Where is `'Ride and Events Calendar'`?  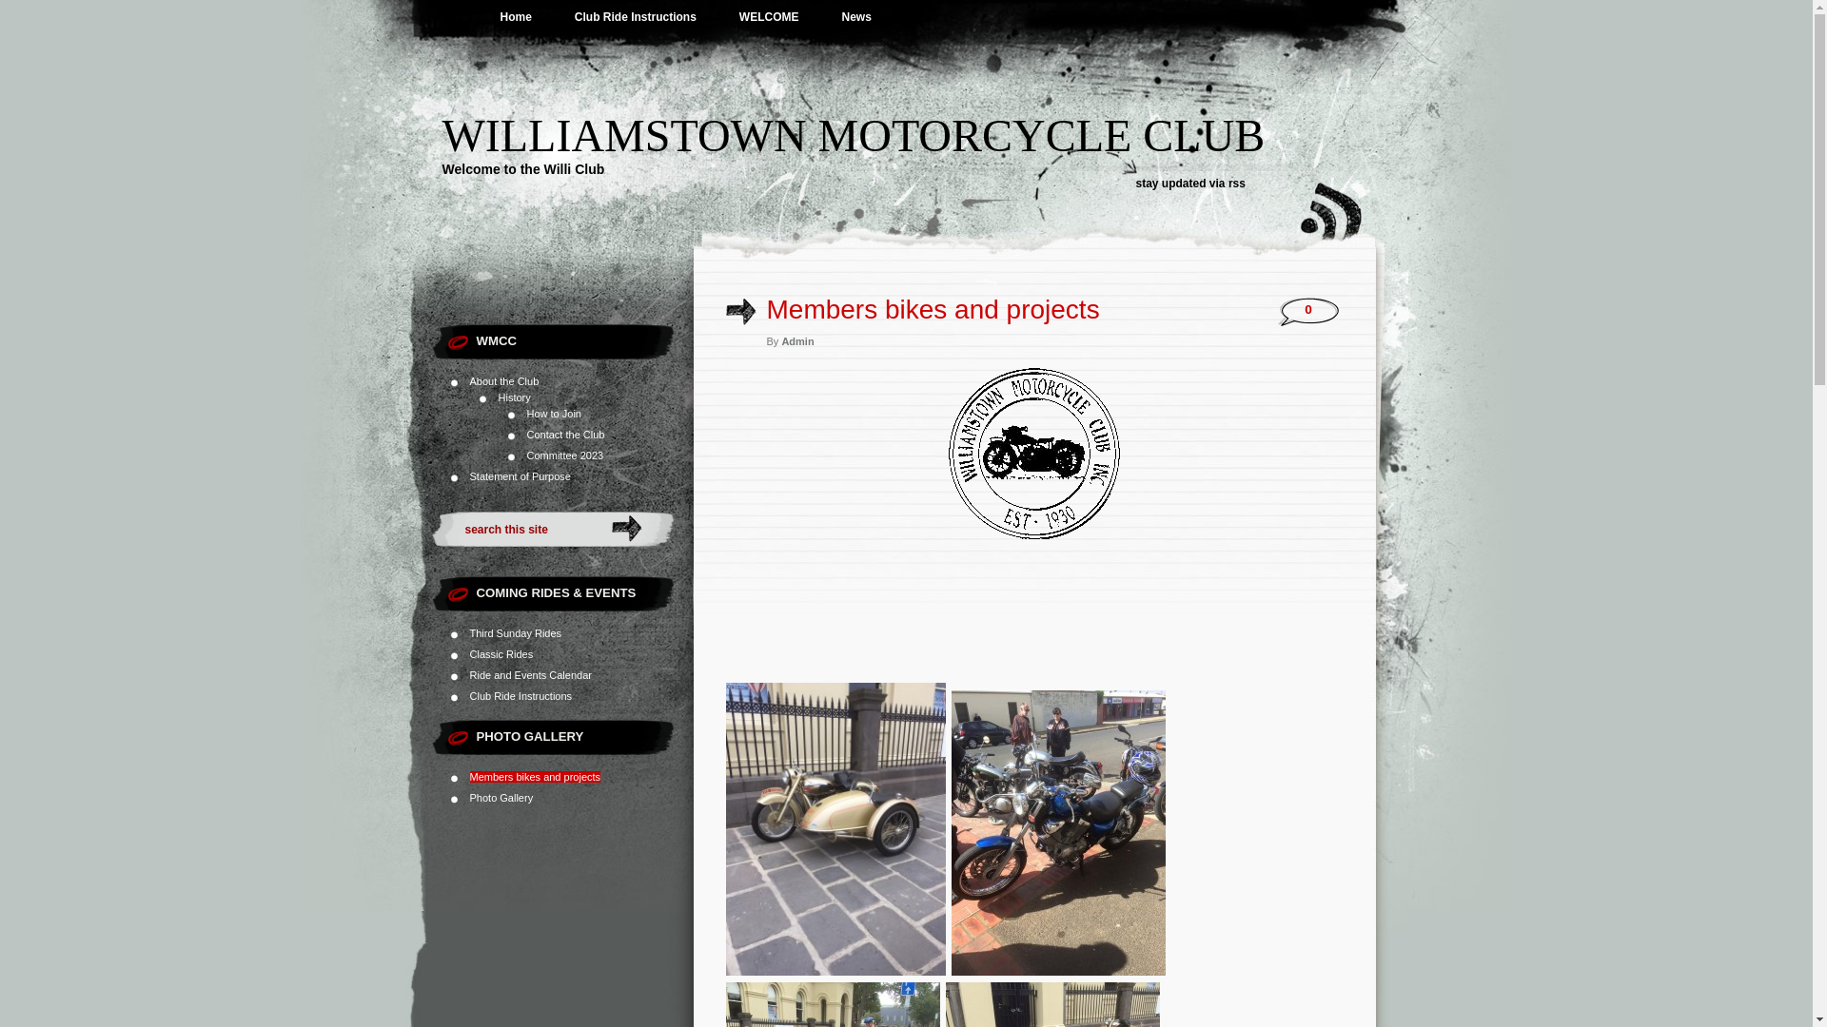 'Ride and Events Calendar' is located at coordinates (470, 673).